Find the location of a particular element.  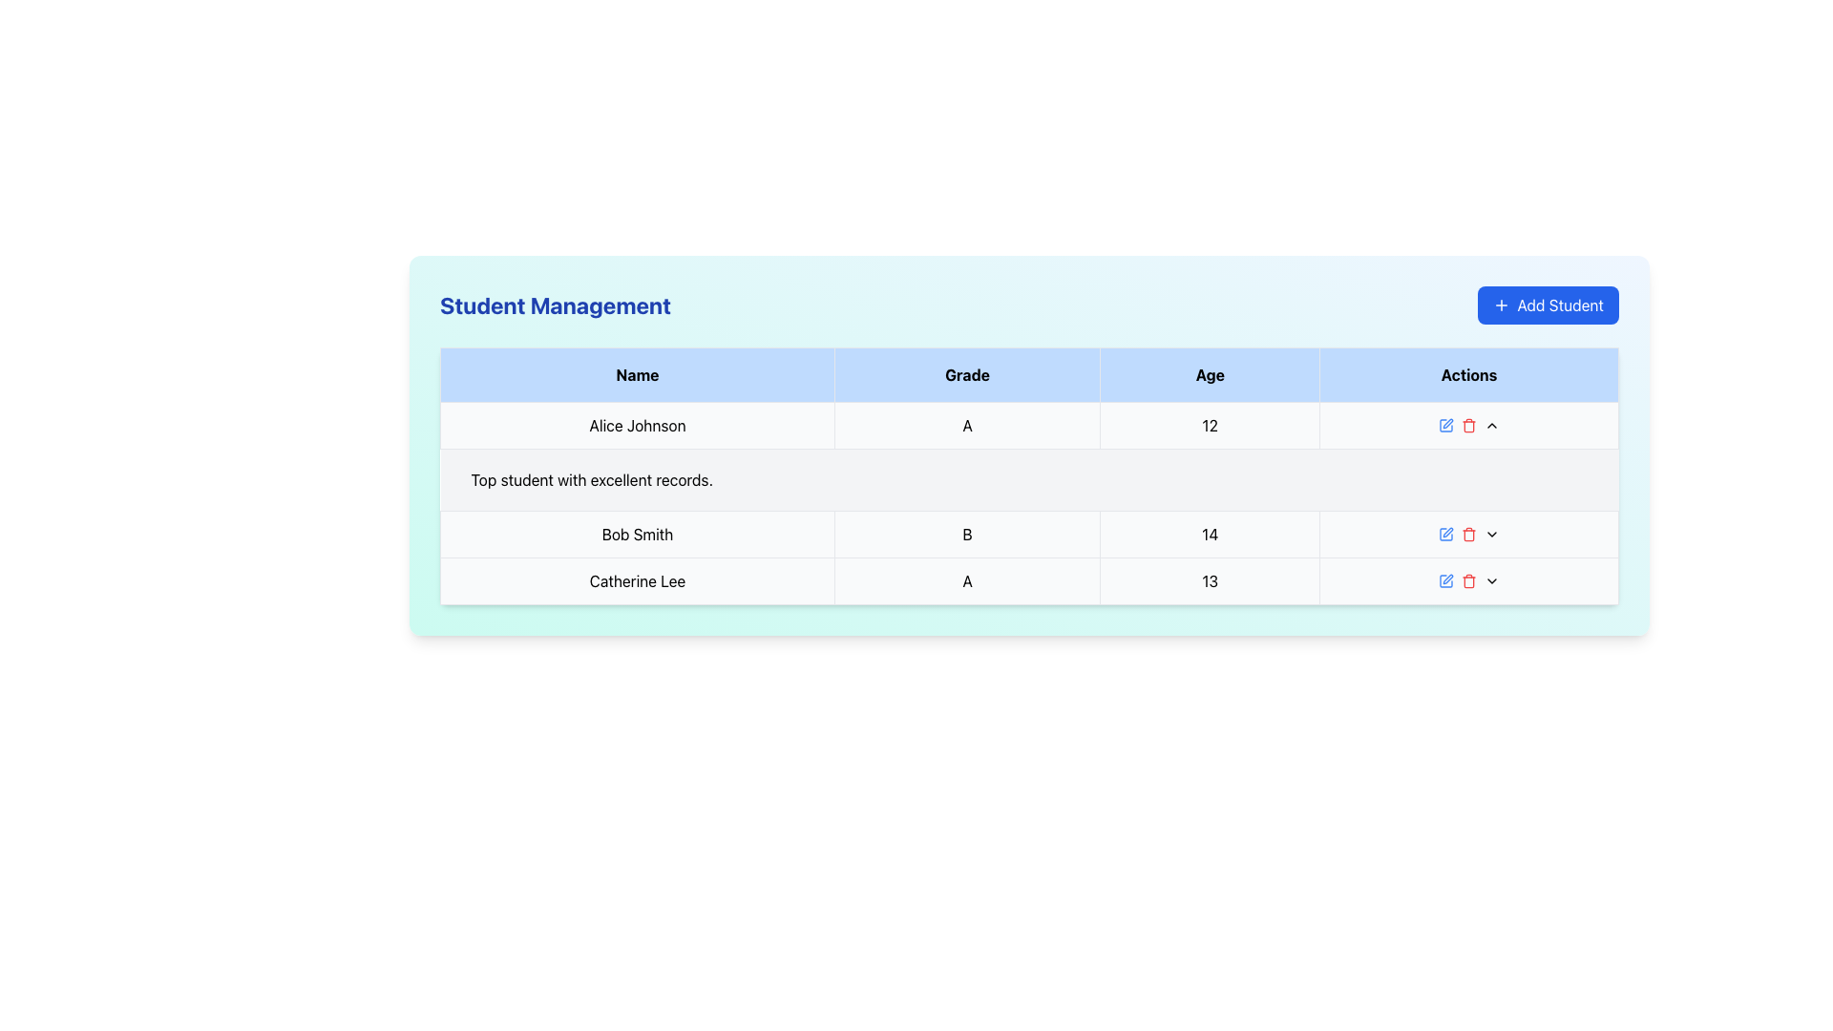

the table row displaying data for the person named Catherine Lee, which includes their grade 'A' and age '13' is located at coordinates (1028, 580).